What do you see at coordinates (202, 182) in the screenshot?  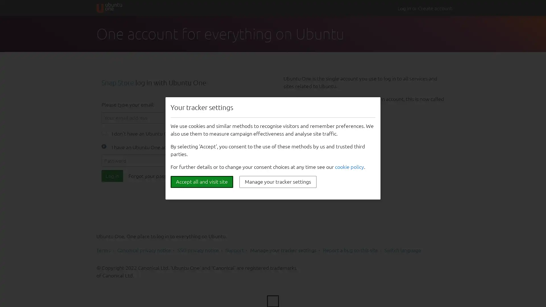 I see `Accept all and visit site` at bounding box center [202, 182].